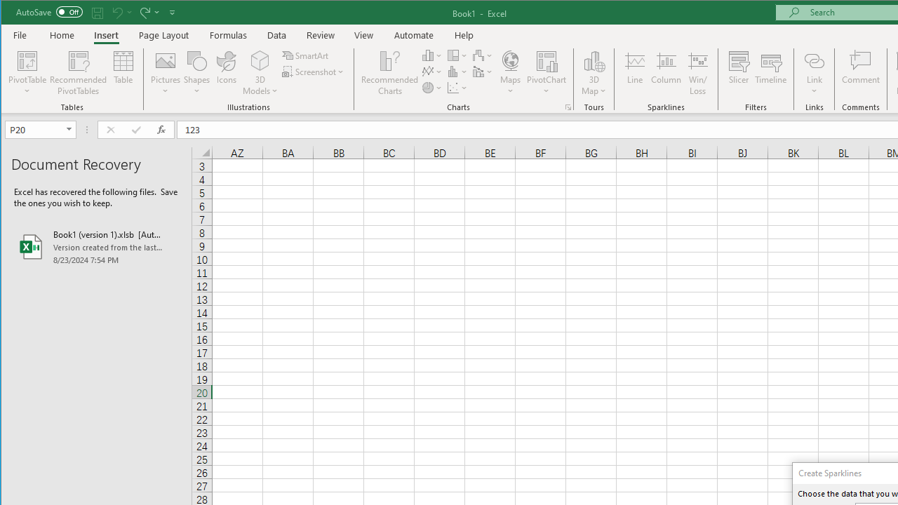 This screenshot has width=898, height=505. Describe the element at coordinates (457, 72) in the screenshot. I see `'Insert Statistic Chart'` at that location.